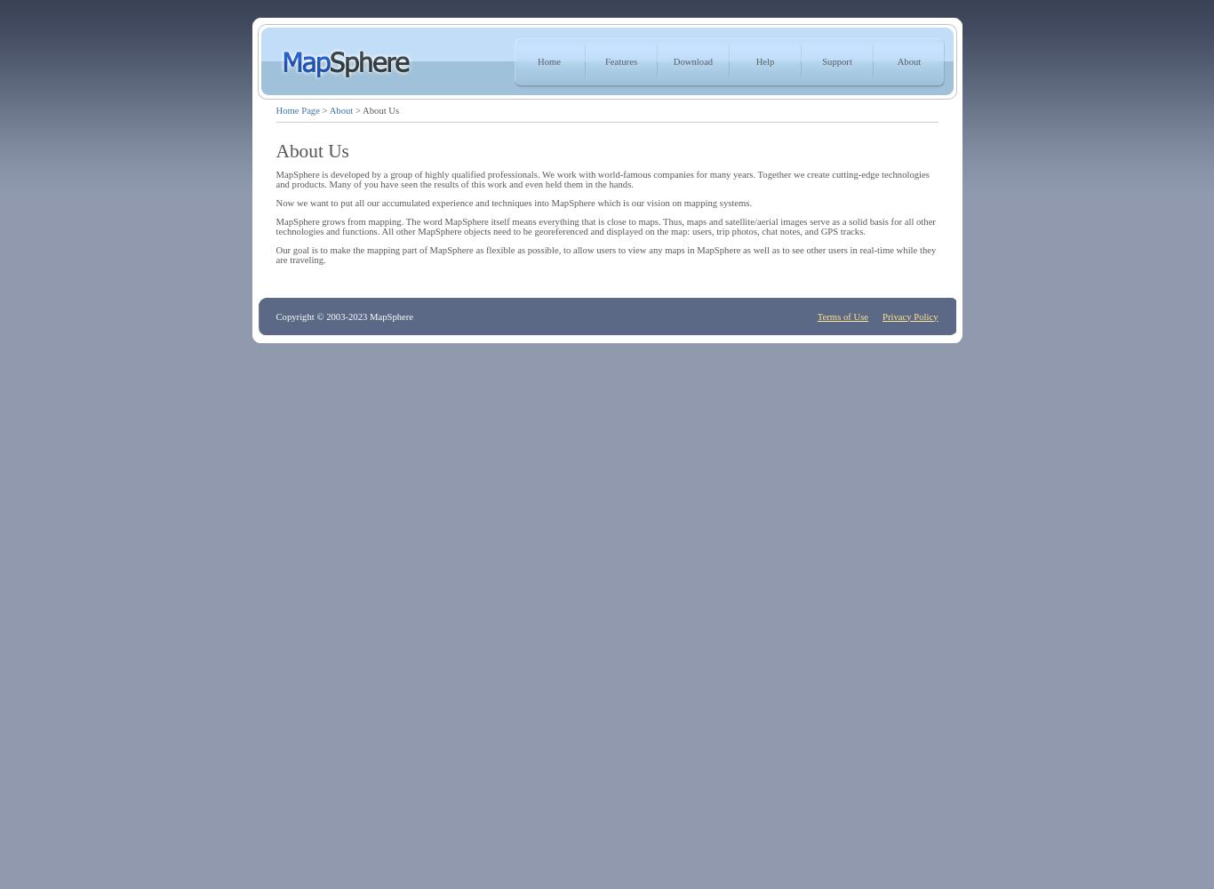 The width and height of the screenshot is (1214, 889). I want to click on 'MapSphere grows from mapping. The word MapSphere itself means everything that is close to maps. Thus, maps and satellite/aerial images serve as a solid basis for all other technologies and functions. All other MapSphere objects need to be georeferenced and displayed on the map: users, trip photos, chat notes, and GPS tracks.', so click(603, 227).